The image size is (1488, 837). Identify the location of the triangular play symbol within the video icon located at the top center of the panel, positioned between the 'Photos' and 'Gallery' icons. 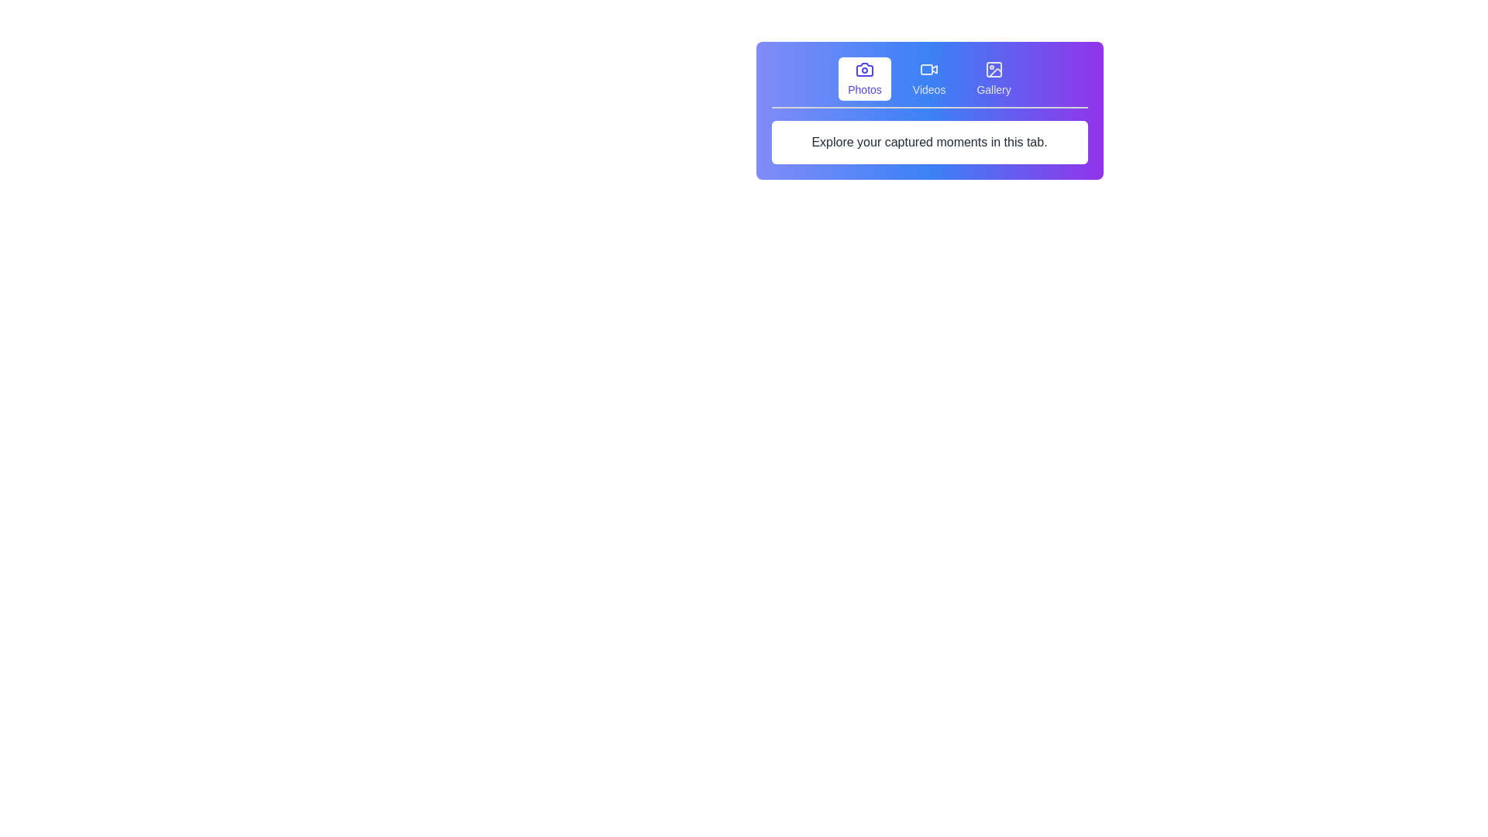
(934, 68).